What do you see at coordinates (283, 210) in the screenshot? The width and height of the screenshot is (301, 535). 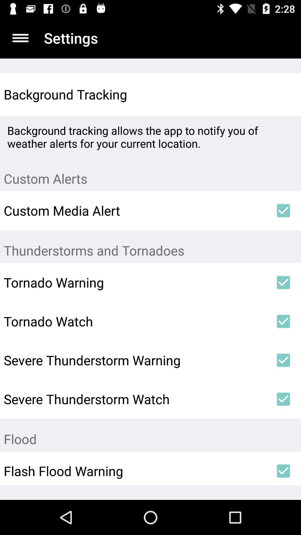 I see `item to the right of custom media alert` at bounding box center [283, 210].